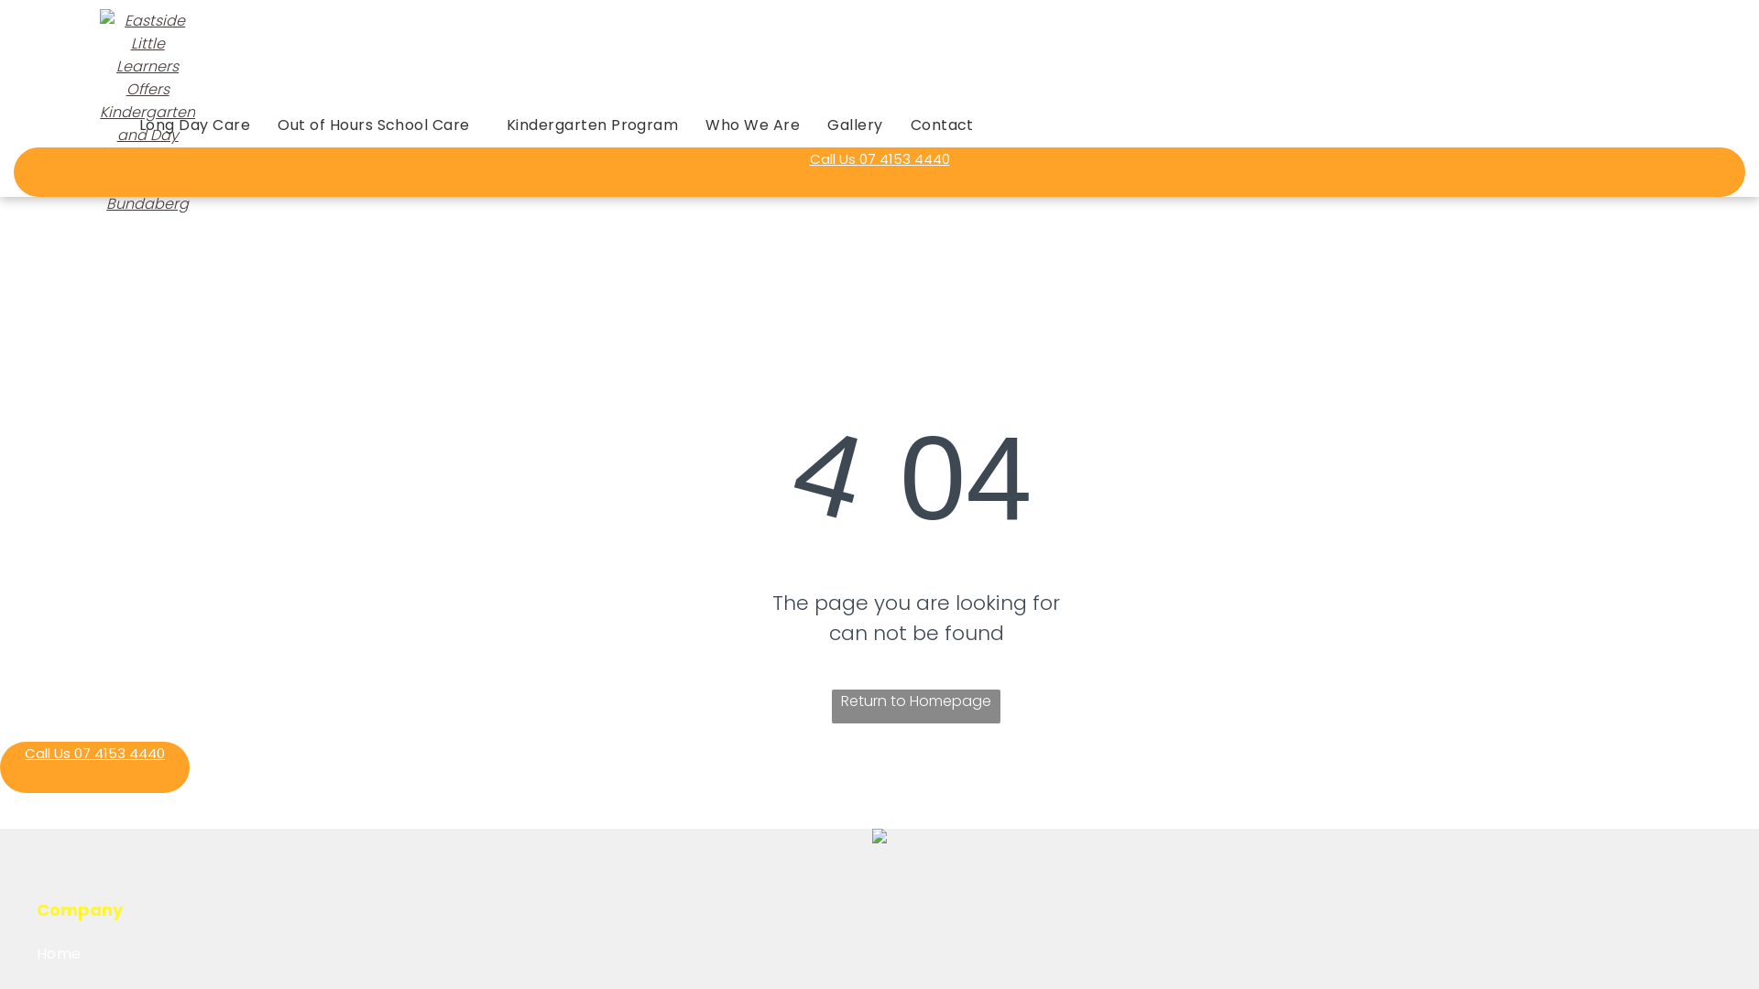 The width and height of the screenshot is (1759, 989). Describe the element at coordinates (194, 124) in the screenshot. I see `'Long Day Care'` at that location.